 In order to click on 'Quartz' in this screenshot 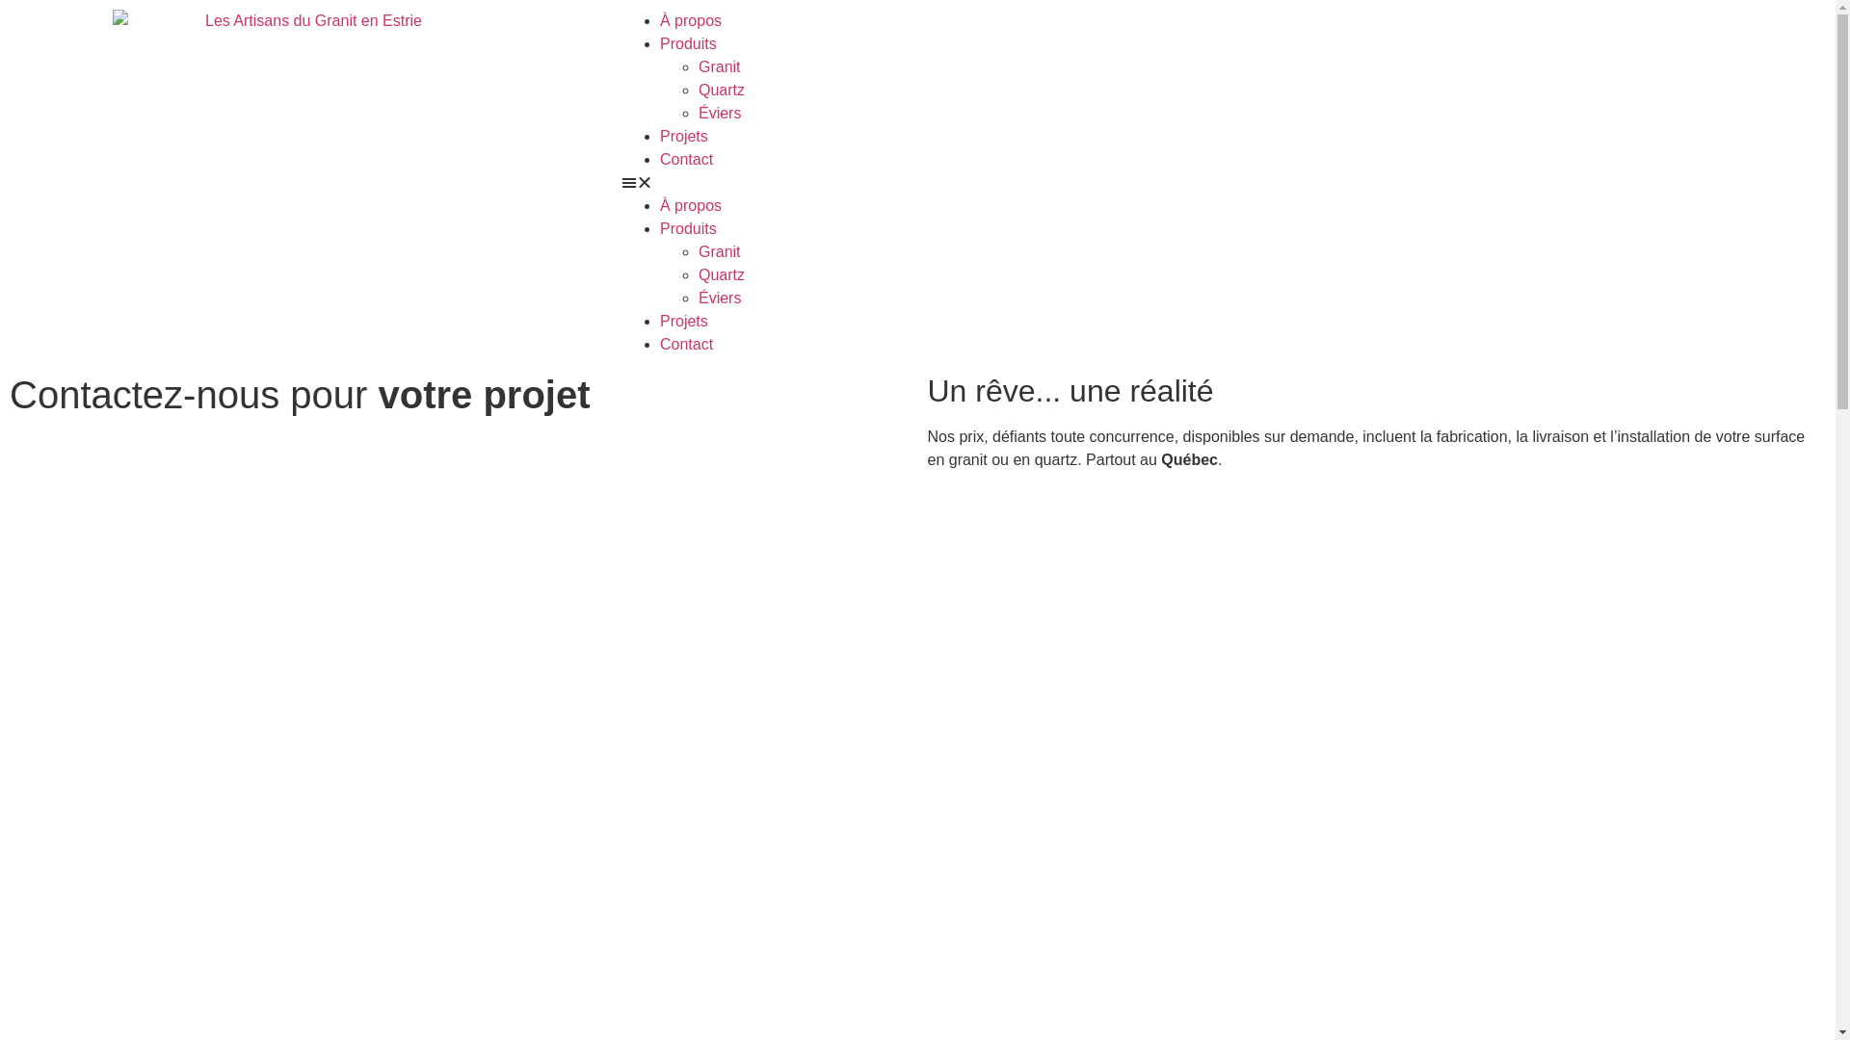, I will do `click(720, 90)`.